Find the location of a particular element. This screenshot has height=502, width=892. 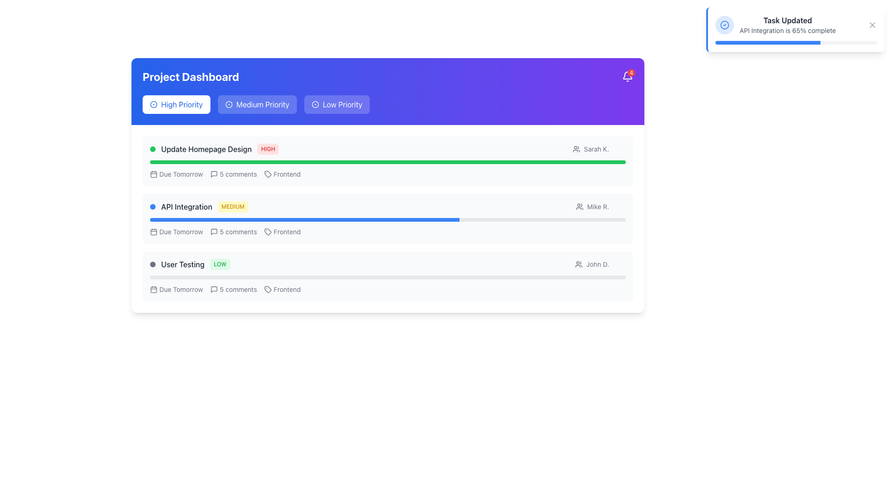

the group/team icon located to the left of 'Sarah K.' text, which is part of the task row labeled 'Update Homepage Design' is located at coordinates (576, 148).